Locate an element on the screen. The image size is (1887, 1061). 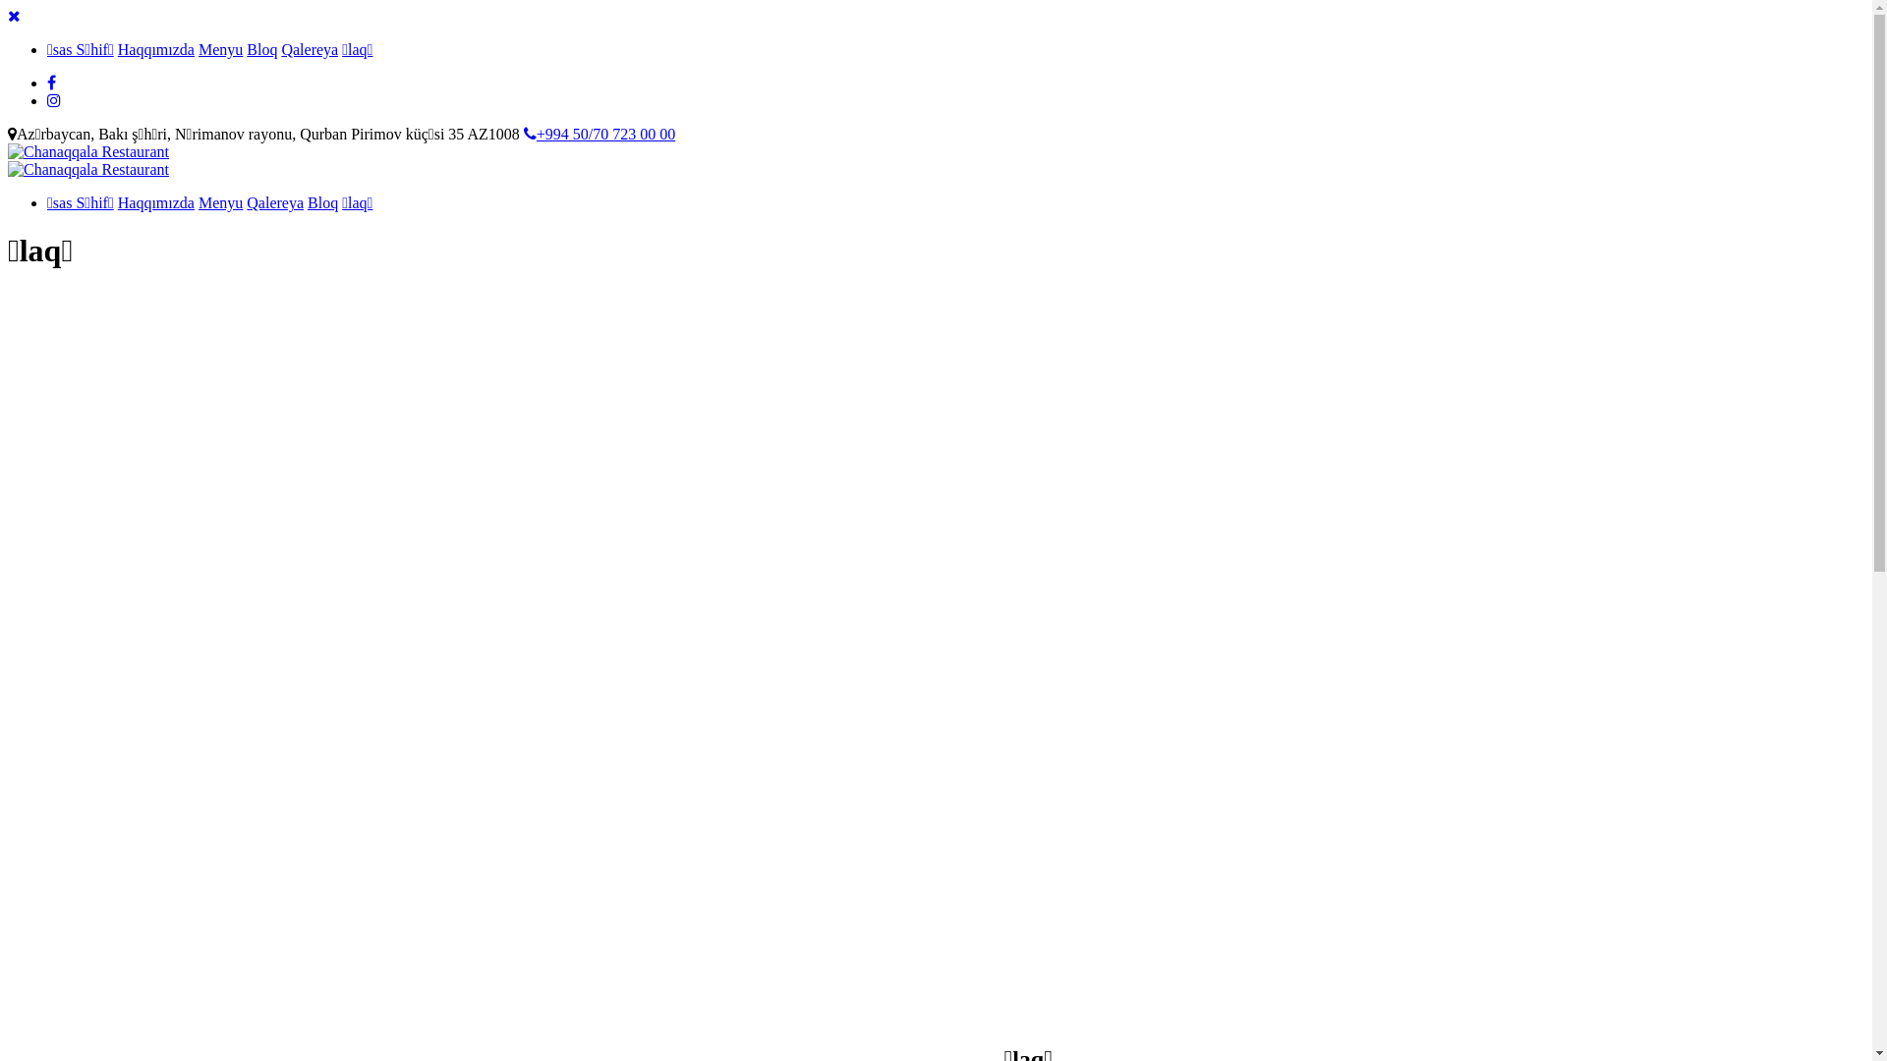
'+994 50/70 723 00 00' is located at coordinates (523, 133).